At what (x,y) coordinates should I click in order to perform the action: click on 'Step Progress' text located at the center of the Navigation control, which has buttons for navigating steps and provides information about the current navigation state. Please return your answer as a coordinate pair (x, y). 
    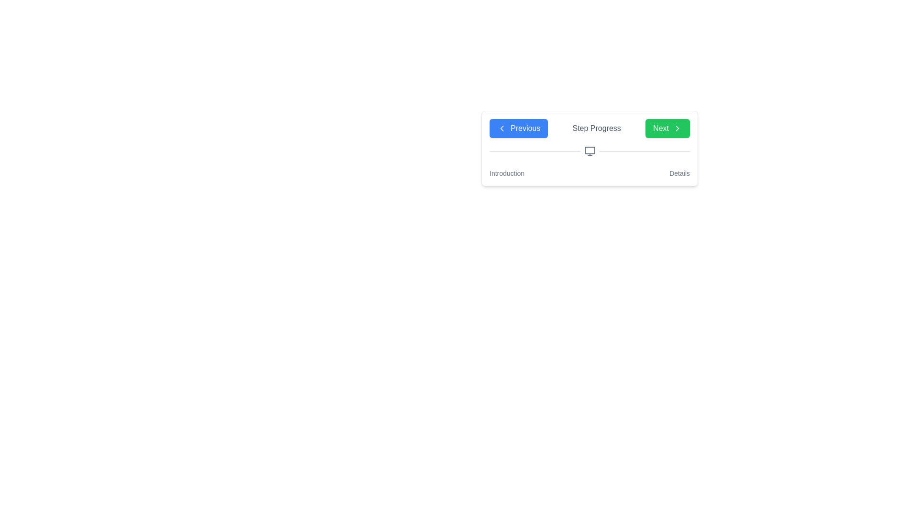
    Looking at the image, I should click on (589, 128).